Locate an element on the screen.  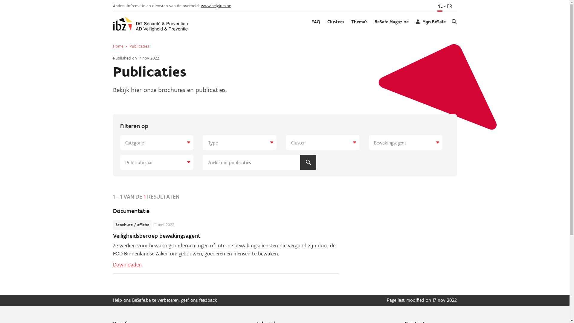
'www.belgium.be' is located at coordinates (216, 6).